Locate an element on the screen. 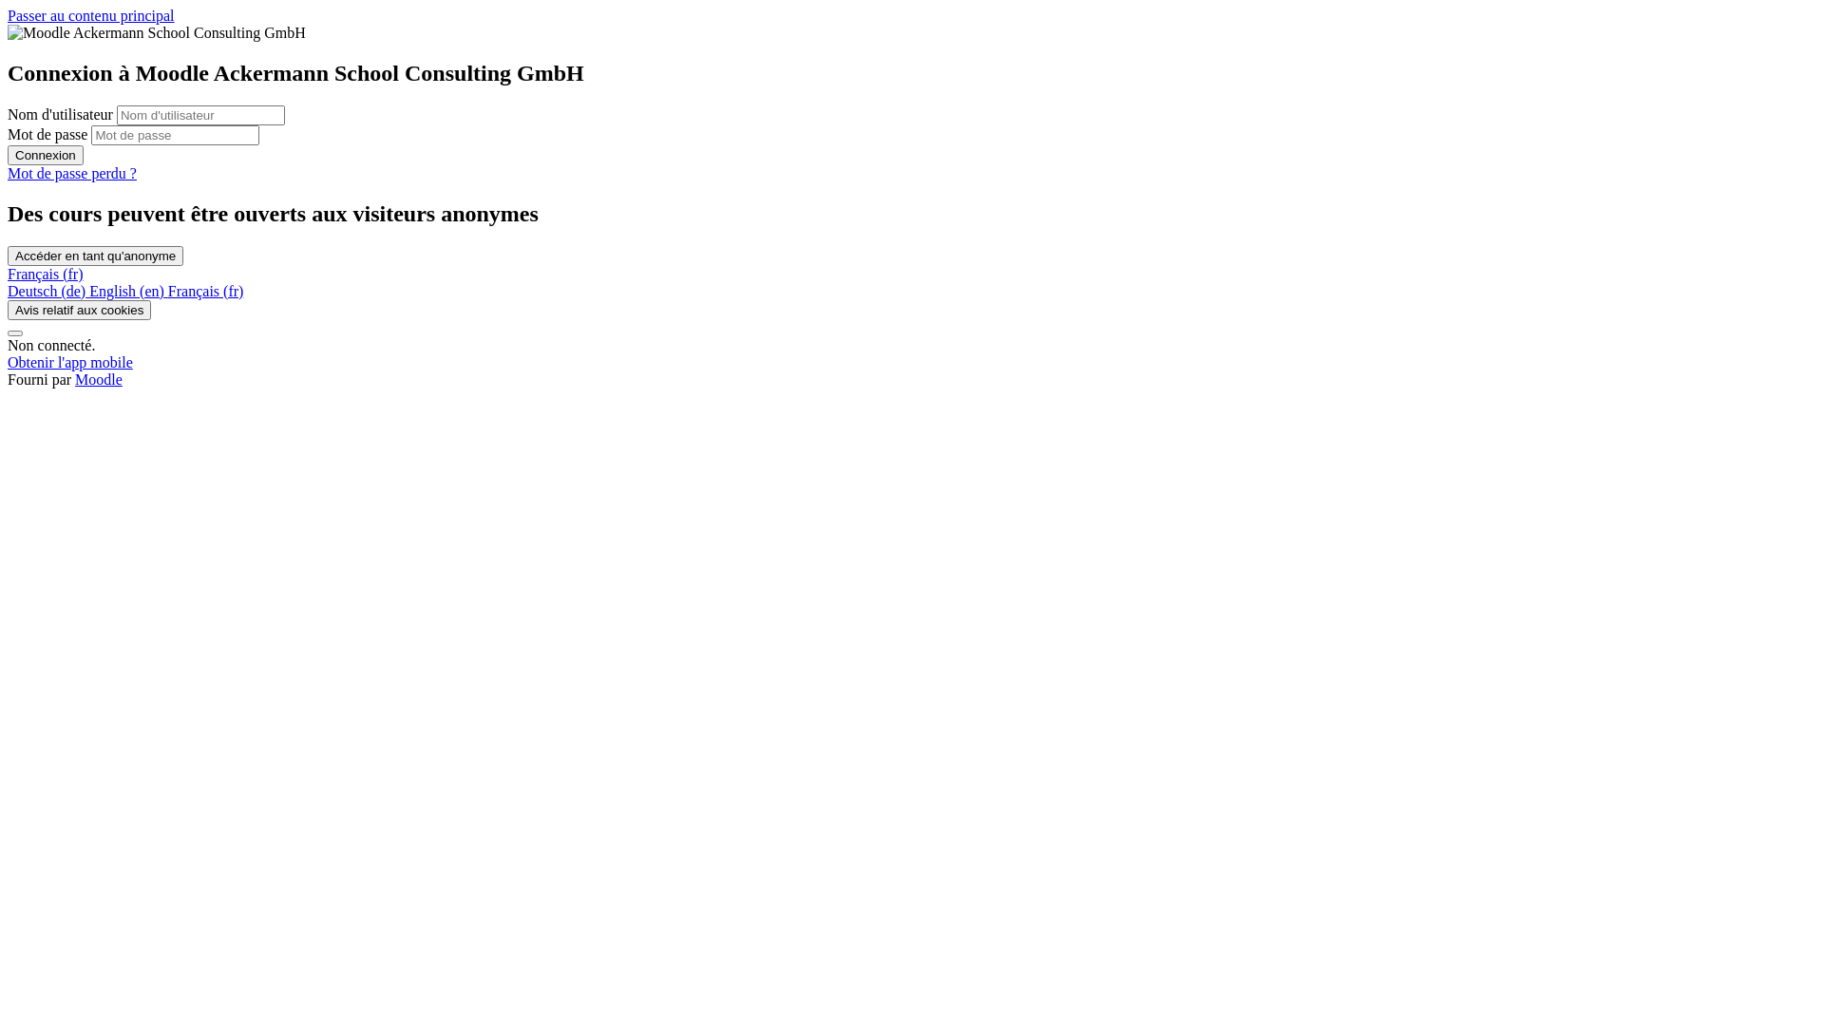  'English (en)' is located at coordinates (127, 291).